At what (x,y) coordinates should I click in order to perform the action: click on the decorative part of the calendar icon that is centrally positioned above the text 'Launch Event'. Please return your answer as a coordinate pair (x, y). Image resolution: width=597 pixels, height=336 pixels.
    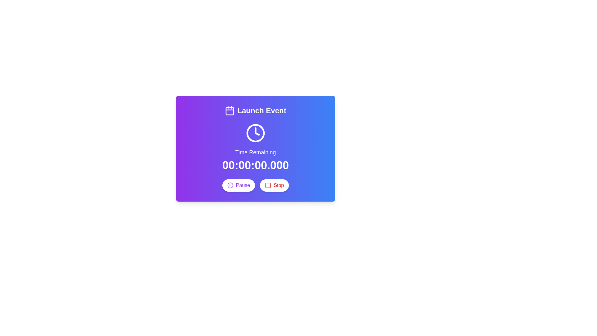
    Looking at the image, I should click on (229, 111).